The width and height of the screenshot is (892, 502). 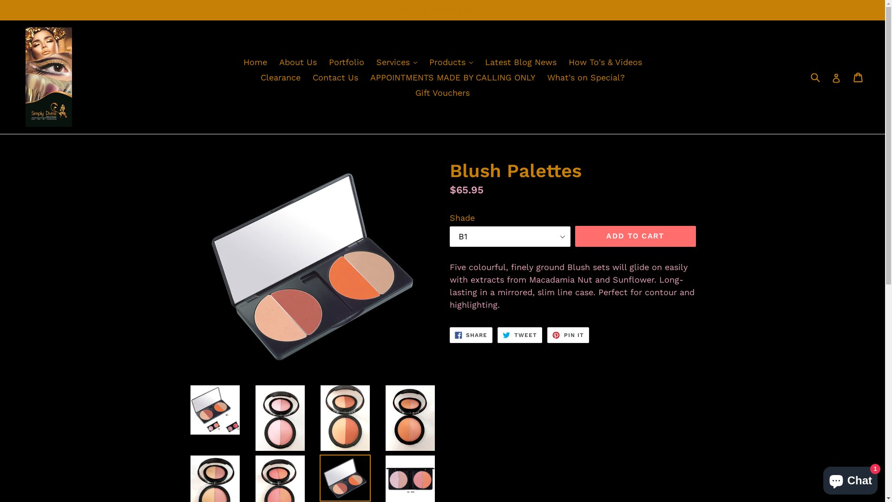 What do you see at coordinates (442, 92) in the screenshot?
I see `'Gift Vouchers'` at bounding box center [442, 92].